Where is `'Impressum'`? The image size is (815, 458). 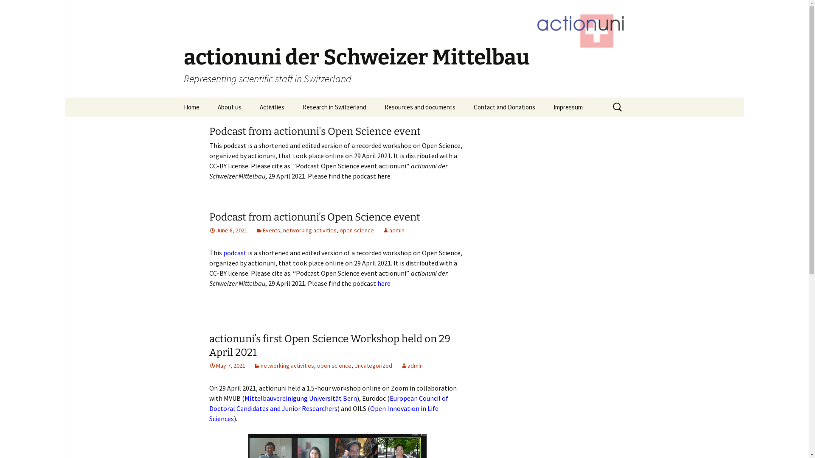
'Impressum' is located at coordinates (568, 106).